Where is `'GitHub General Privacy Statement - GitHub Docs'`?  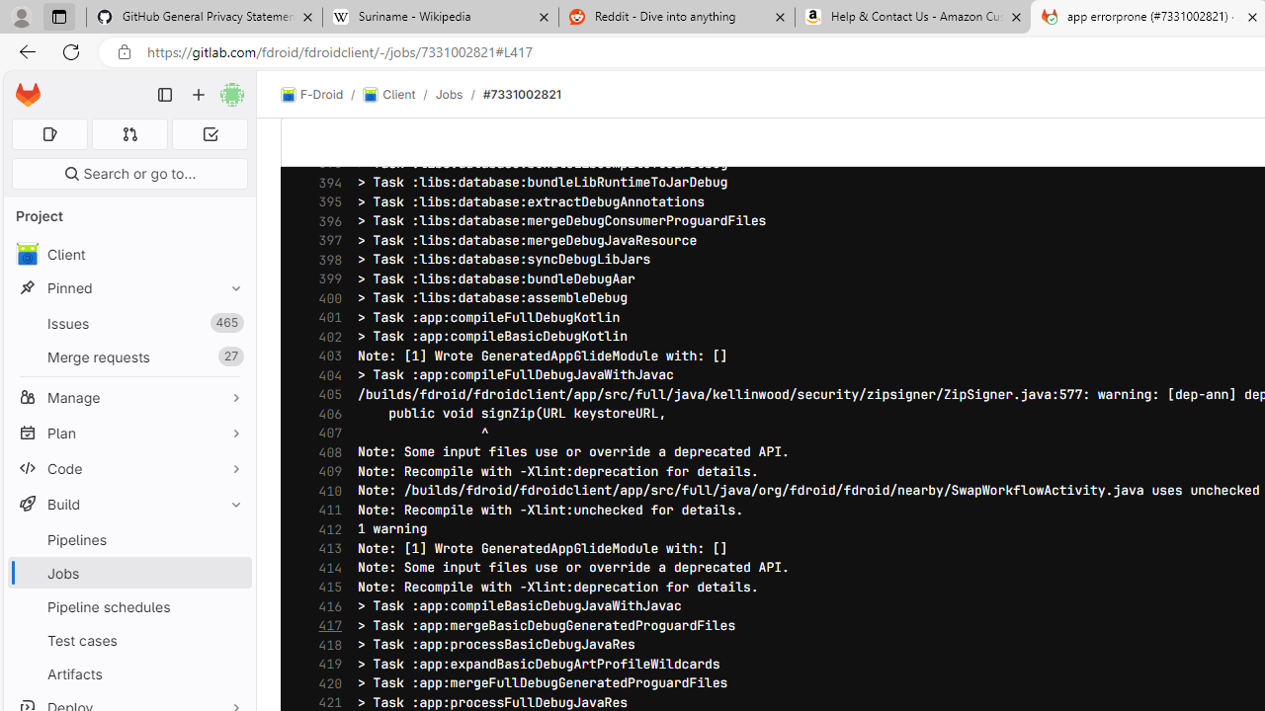 'GitHub General Privacy Statement - GitHub Docs' is located at coordinates (205, 17).